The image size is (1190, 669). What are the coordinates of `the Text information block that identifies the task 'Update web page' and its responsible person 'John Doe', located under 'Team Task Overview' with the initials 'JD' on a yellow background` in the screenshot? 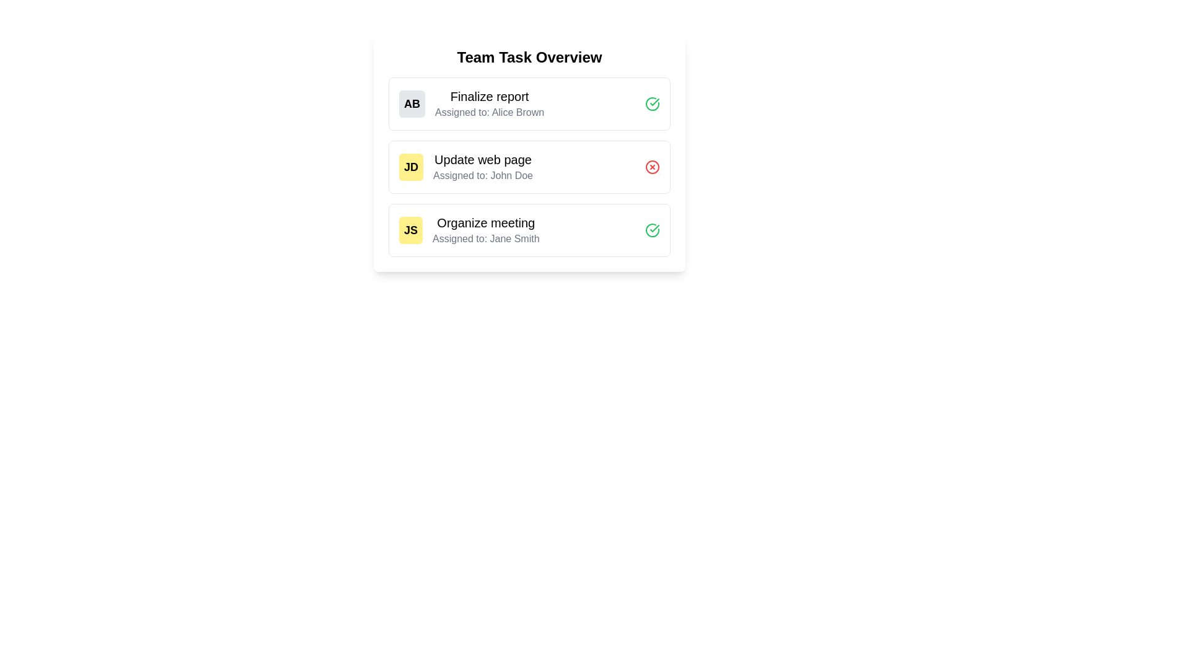 It's located at (482, 167).